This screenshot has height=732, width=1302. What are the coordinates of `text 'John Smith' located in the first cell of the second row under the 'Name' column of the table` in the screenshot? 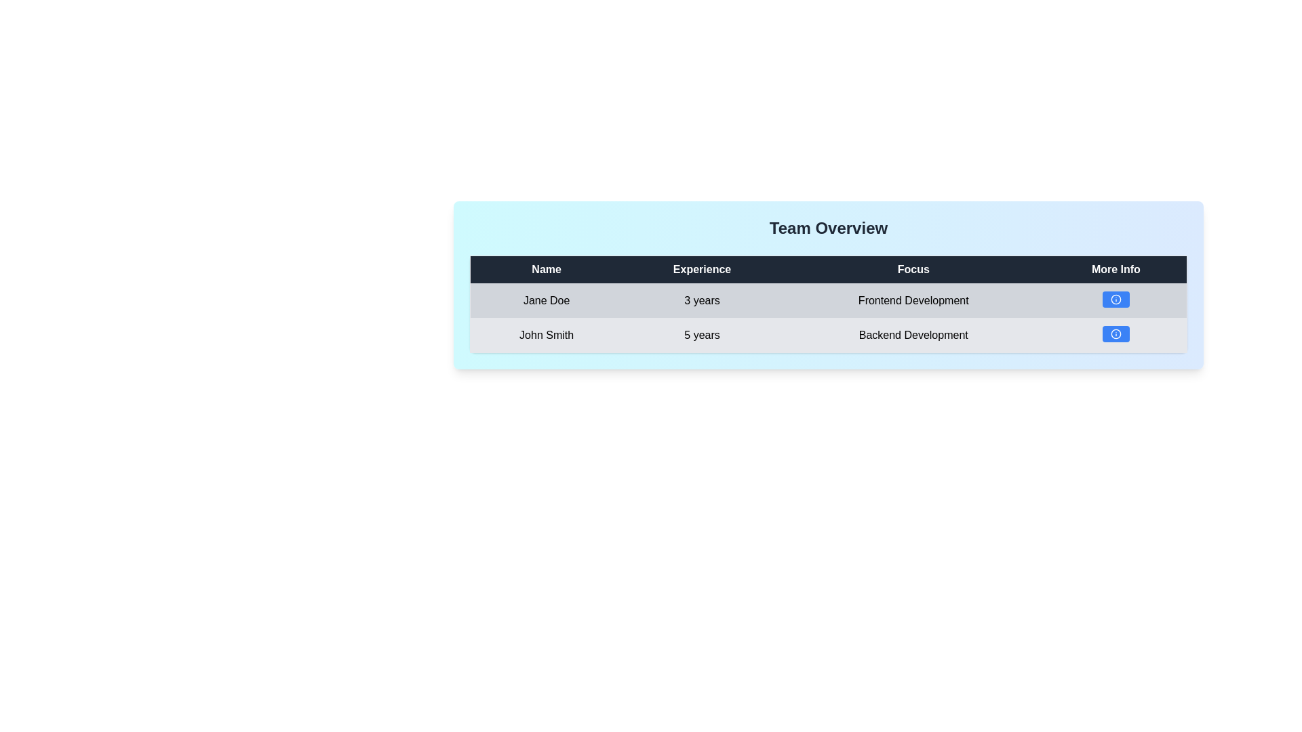 It's located at (546, 335).